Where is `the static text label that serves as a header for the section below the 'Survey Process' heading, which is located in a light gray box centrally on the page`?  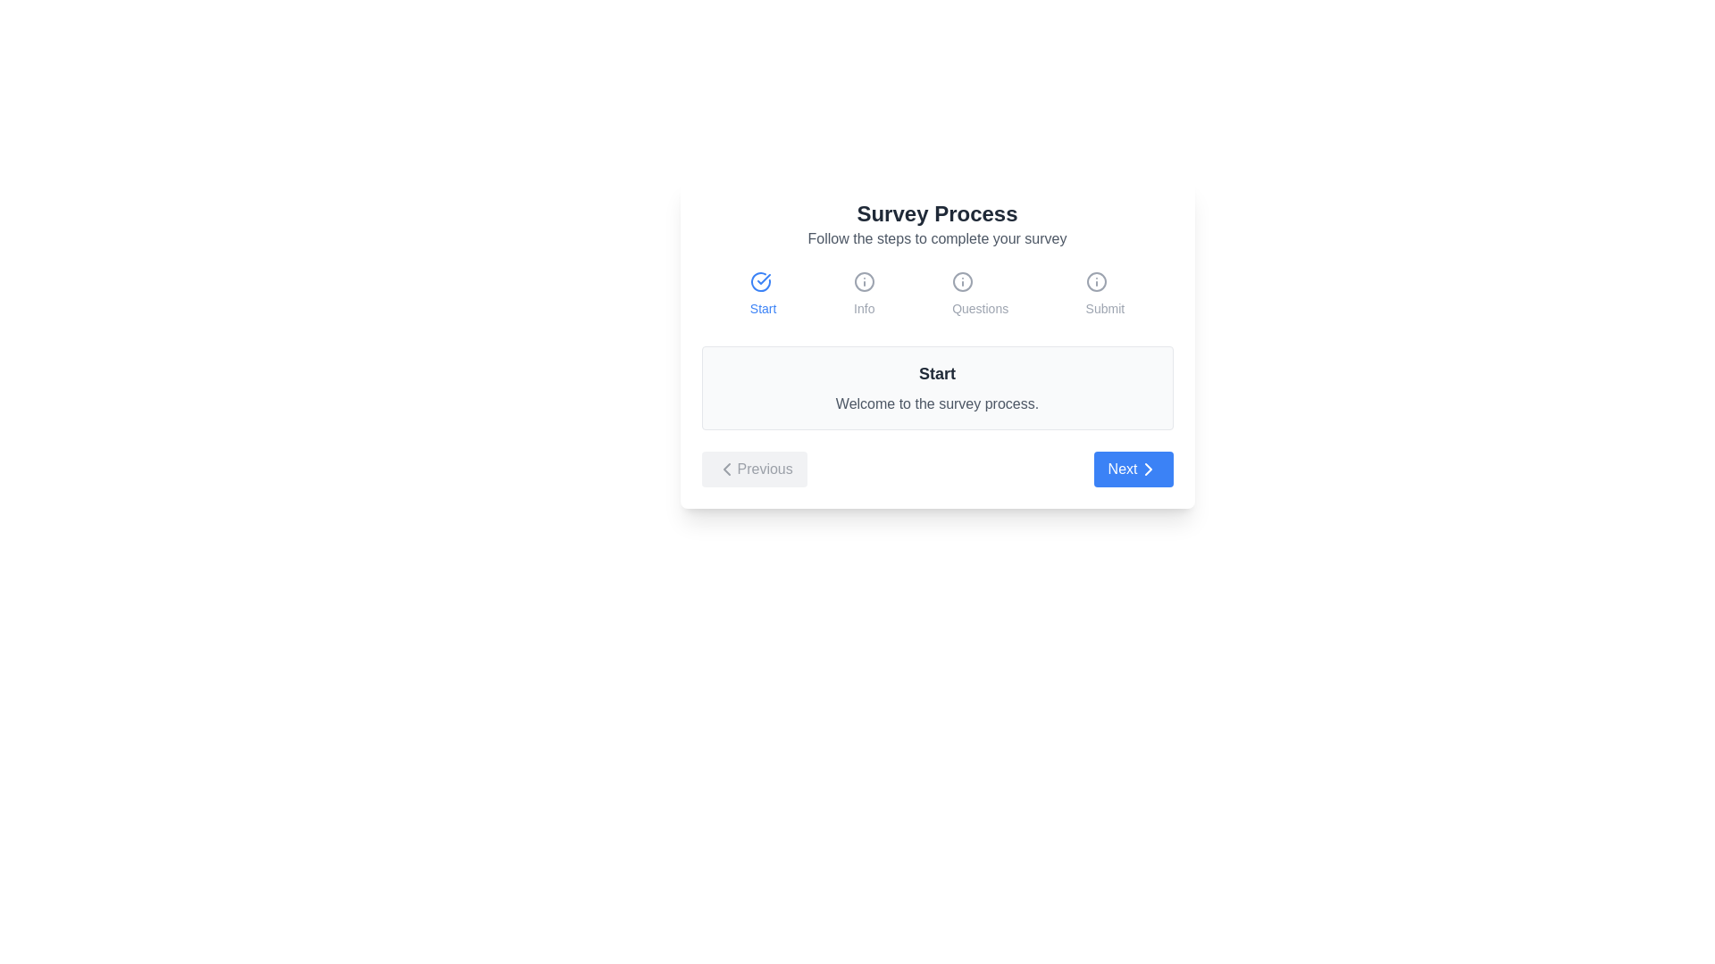 the static text label that serves as a header for the section below the 'Survey Process' heading, which is located in a light gray box centrally on the page is located at coordinates (936, 373).